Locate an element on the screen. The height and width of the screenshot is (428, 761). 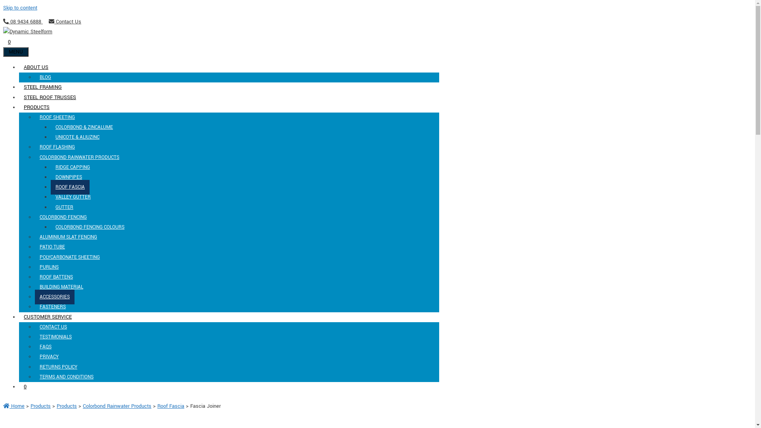
'COLORBOND FENCING COLOURS' is located at coordinates (90, 227).